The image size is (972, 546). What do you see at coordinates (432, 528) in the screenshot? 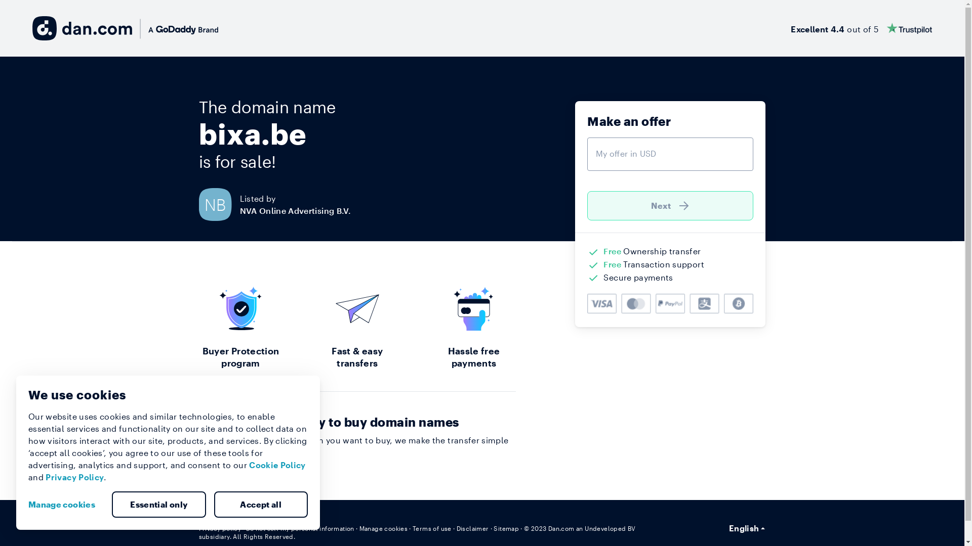
I see `'Terms of use'` at bounding box center [432, 528].